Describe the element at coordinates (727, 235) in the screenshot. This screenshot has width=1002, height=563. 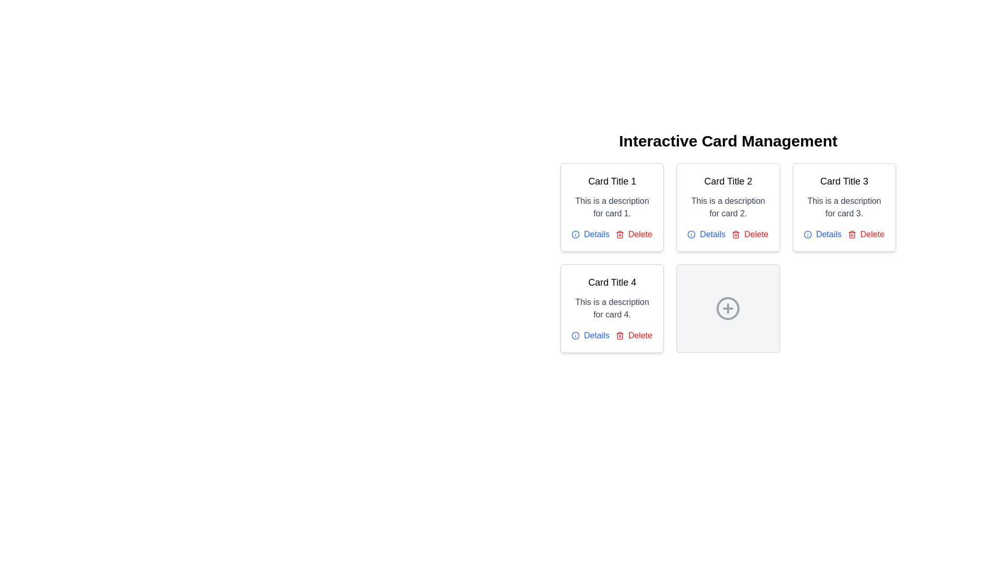
I see `the 'Details' option in the Button Group (Interactive Text Options) to trigger the underline styling` at that location.